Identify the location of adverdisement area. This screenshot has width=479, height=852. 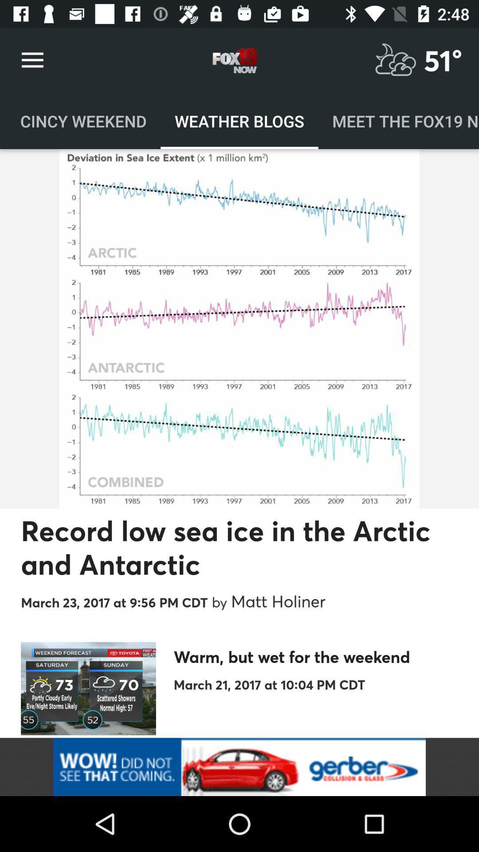
(239, 766).